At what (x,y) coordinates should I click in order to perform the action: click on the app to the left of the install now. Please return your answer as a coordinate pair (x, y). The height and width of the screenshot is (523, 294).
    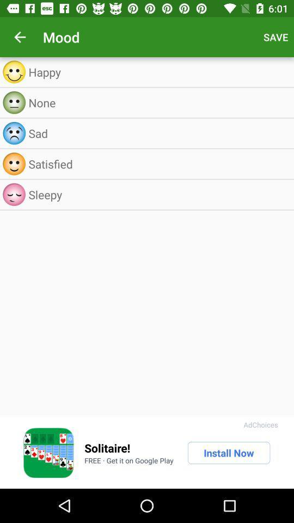
    Looking at the image, I should click on (129, 460).